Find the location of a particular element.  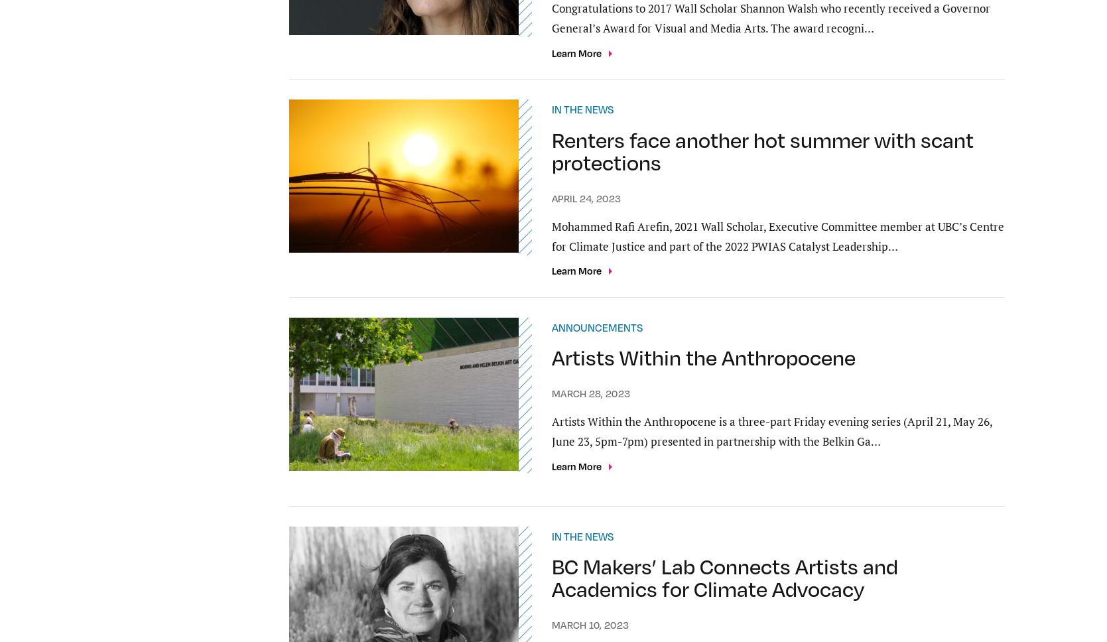

'UBC Sites' is located at coordinates (734, 571).